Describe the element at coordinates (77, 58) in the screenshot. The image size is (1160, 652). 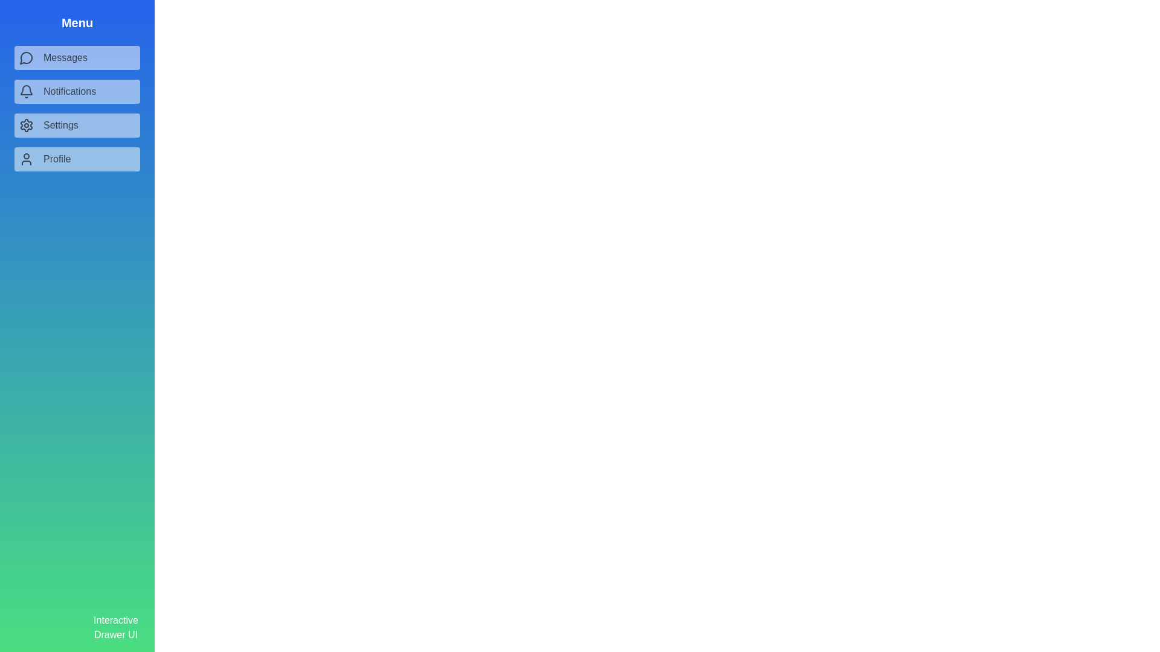
I see `the menu item Messages` at that location.